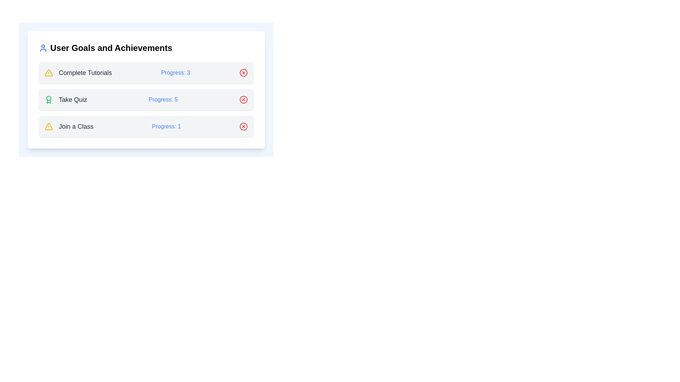 Image resolution: width=680 pixels, height=382 pixels. I want to click on the List item labeled 'Complete Tutorials' that features a yellow warning icon, located in the 'User Goals and Achievements' section, so click(78, 73).